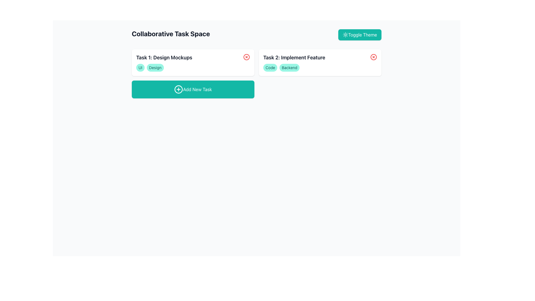  Describe the element at coordinates (290, 67) in the screenshot. I see `the second label in the 'Task 2: Implement Feature' section, which is positioned to the right of the 'Code' label` at that location.